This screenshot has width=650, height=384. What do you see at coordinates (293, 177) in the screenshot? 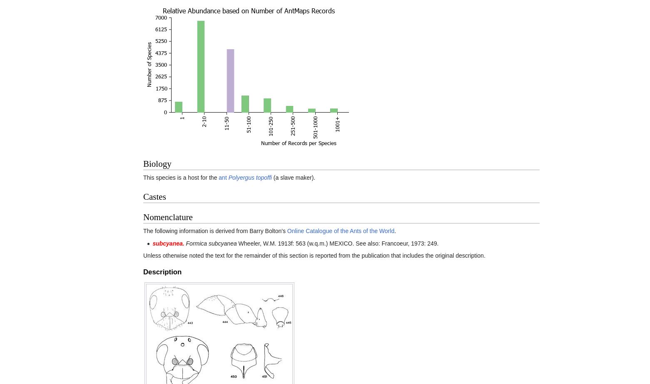
I see `'(a slave maker).'` at bounding box center [293, 177].